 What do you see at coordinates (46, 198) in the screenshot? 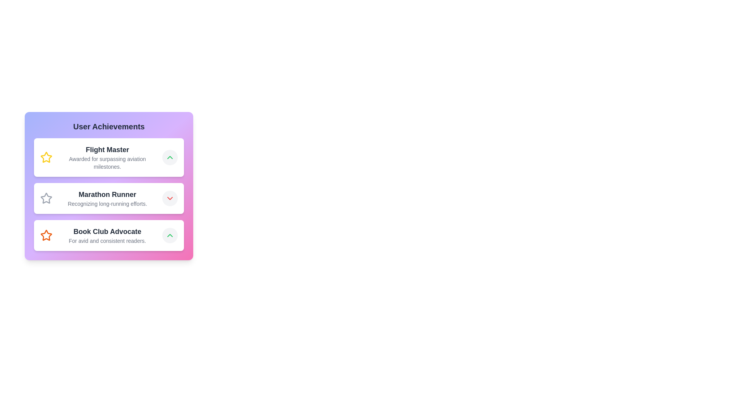
I see `the gray star-shaped icon located at the top-left corner of the 'Marathon Runner' card in the 'User Achievements' section` at bounding box center [46, 198].